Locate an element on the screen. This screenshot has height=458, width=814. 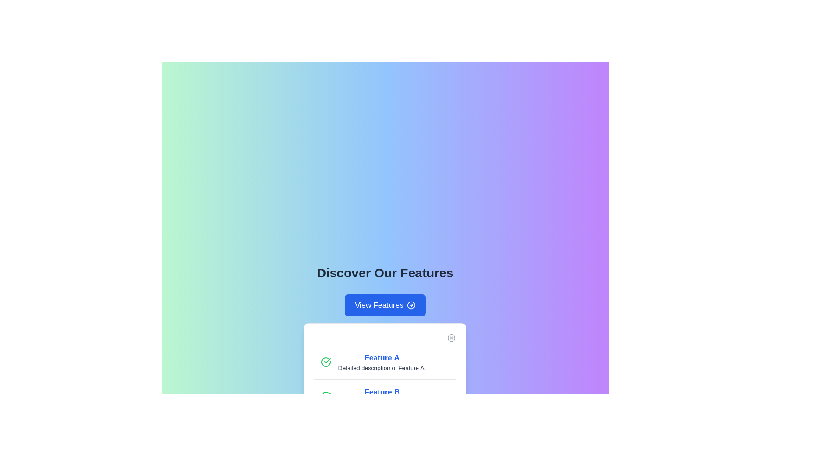
the button located below the title 'Discover Our Features' is located at coordinates (385, 305).